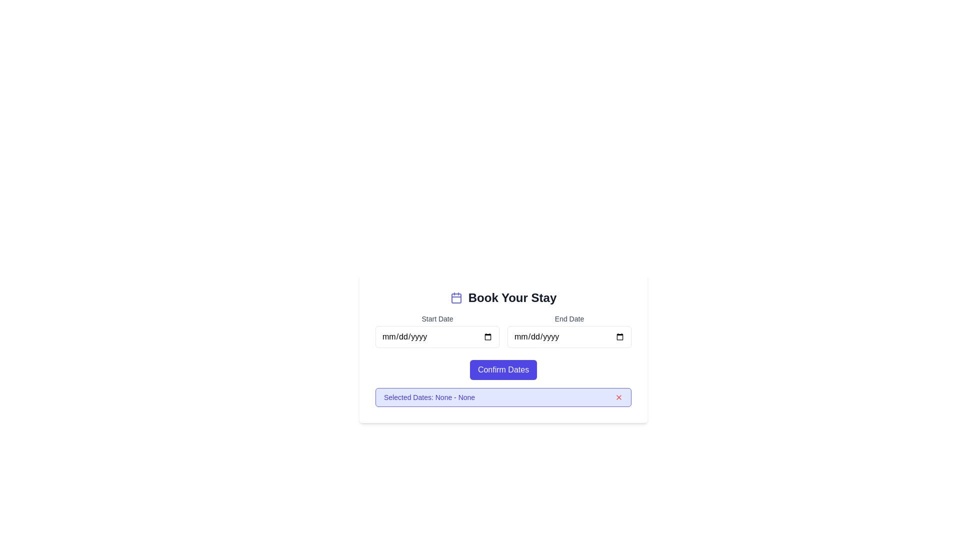 The image size is (960, 540). I want to click on the close icon located at the rightmost position of the footer section, so click(618, 396).